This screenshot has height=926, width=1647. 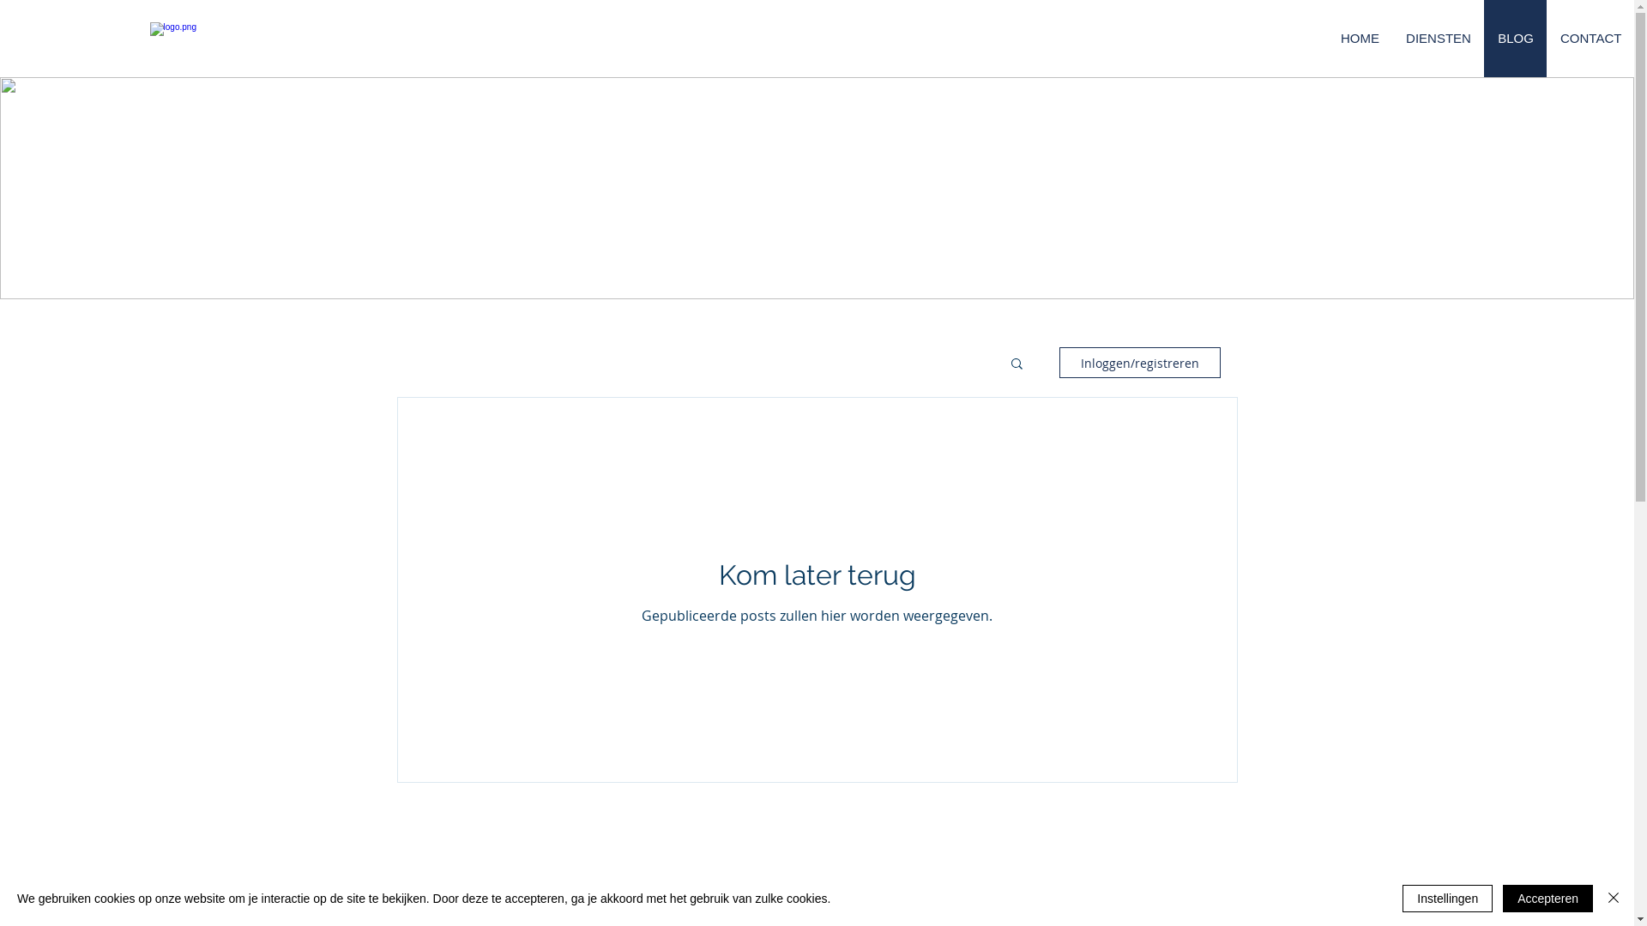 What do you see at coordinates (1547, 898) in the screenshot?
I see `'Accepteren'` at bounding box center [1547, 898].